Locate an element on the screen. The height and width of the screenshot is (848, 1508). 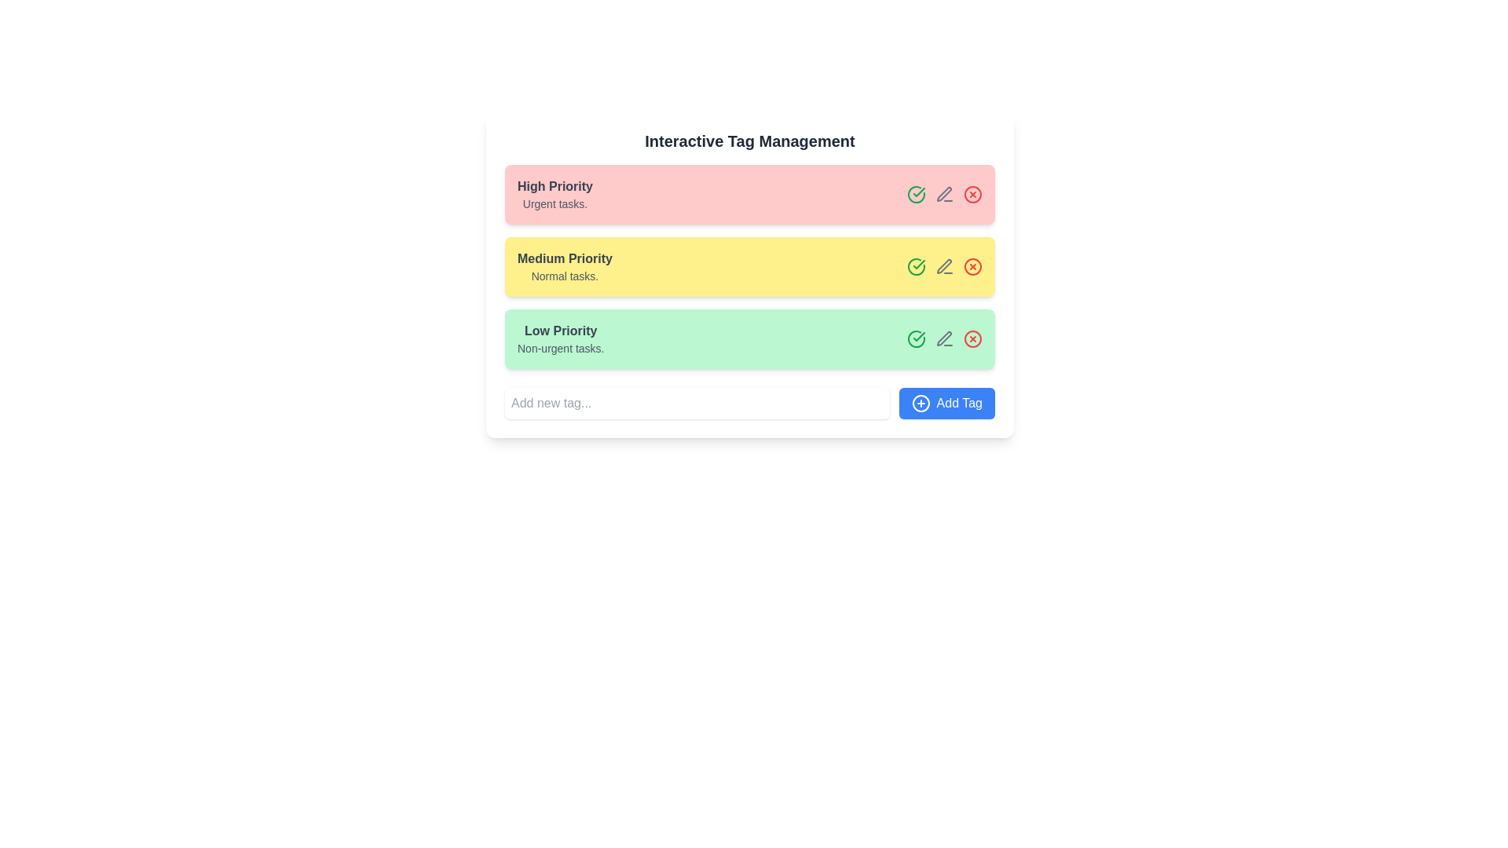
the confirmation button for the 'Medium Priority' section is located at coordinates (919, 263).